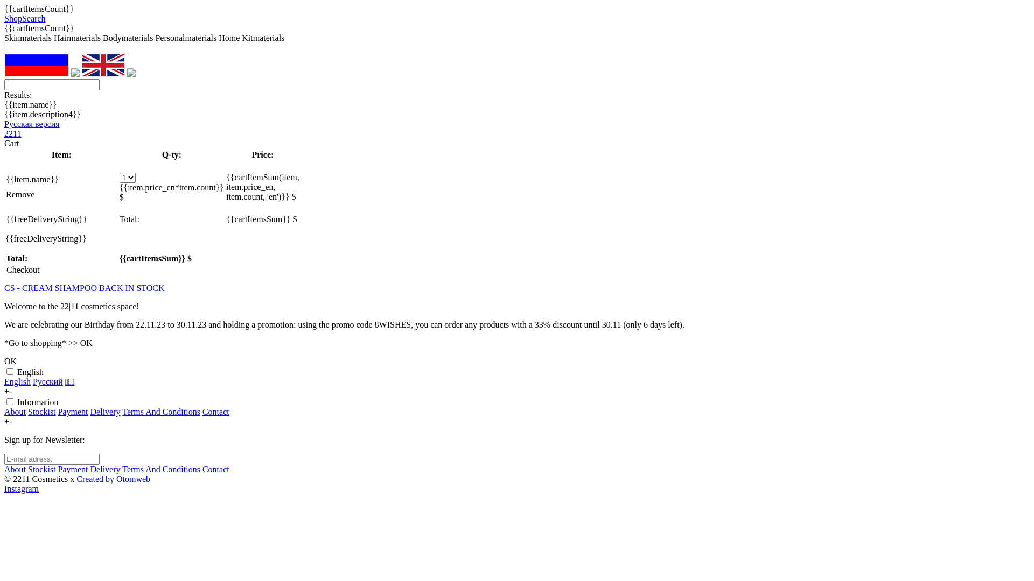 This screenshot has width=1034, height=581. I want to click on 'Delivery', so click(106, 412).